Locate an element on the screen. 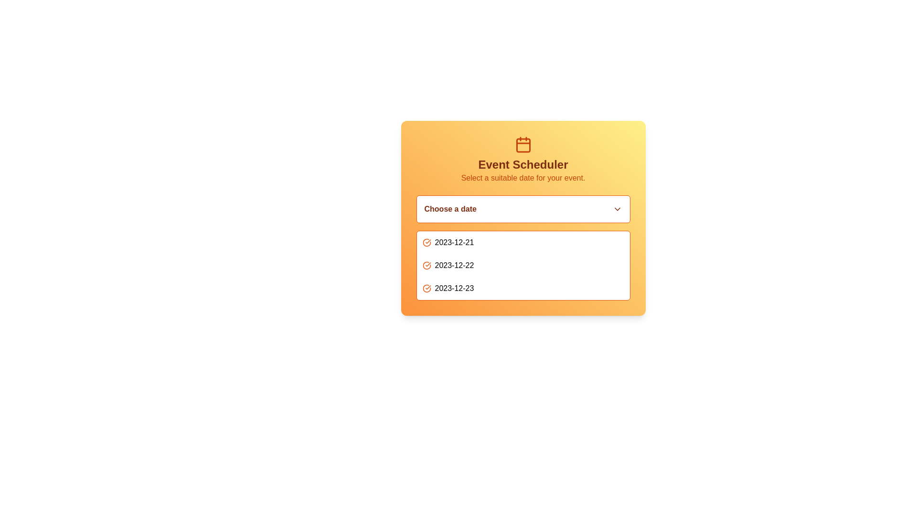 This screenshot has height=516, width=917. the selection icon for the date '2023-12-21', which is positioned at the left of the date in a vertical list of icons is located at coordinates (426, 242).